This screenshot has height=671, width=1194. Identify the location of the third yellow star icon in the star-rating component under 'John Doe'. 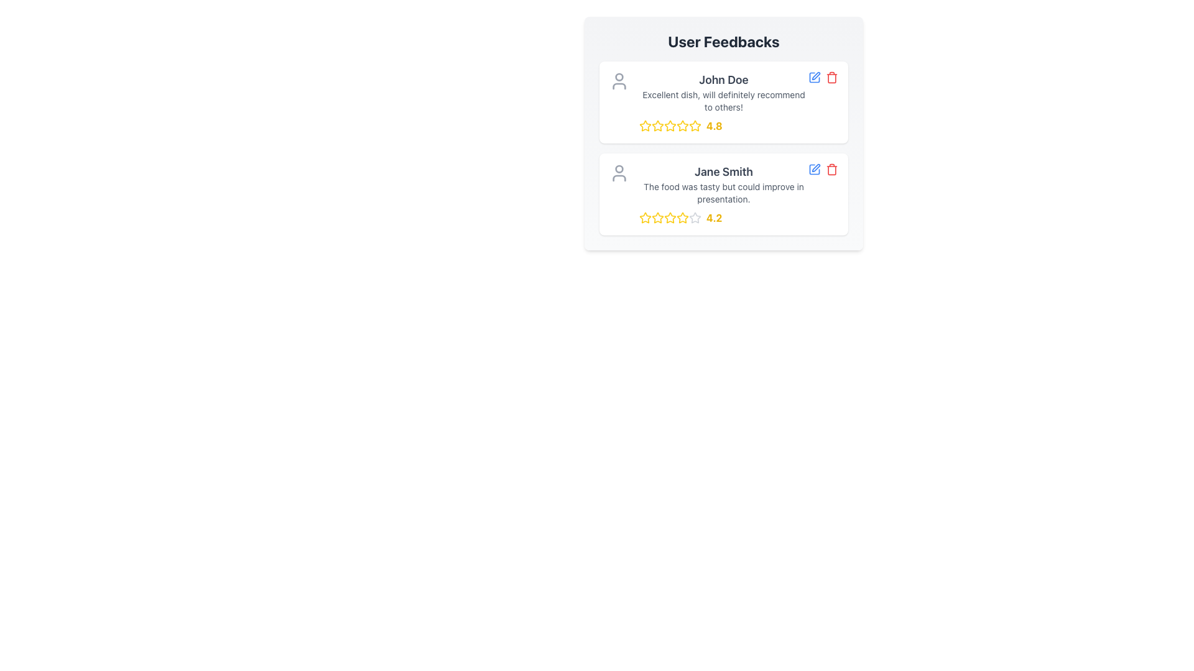
(670, 126).